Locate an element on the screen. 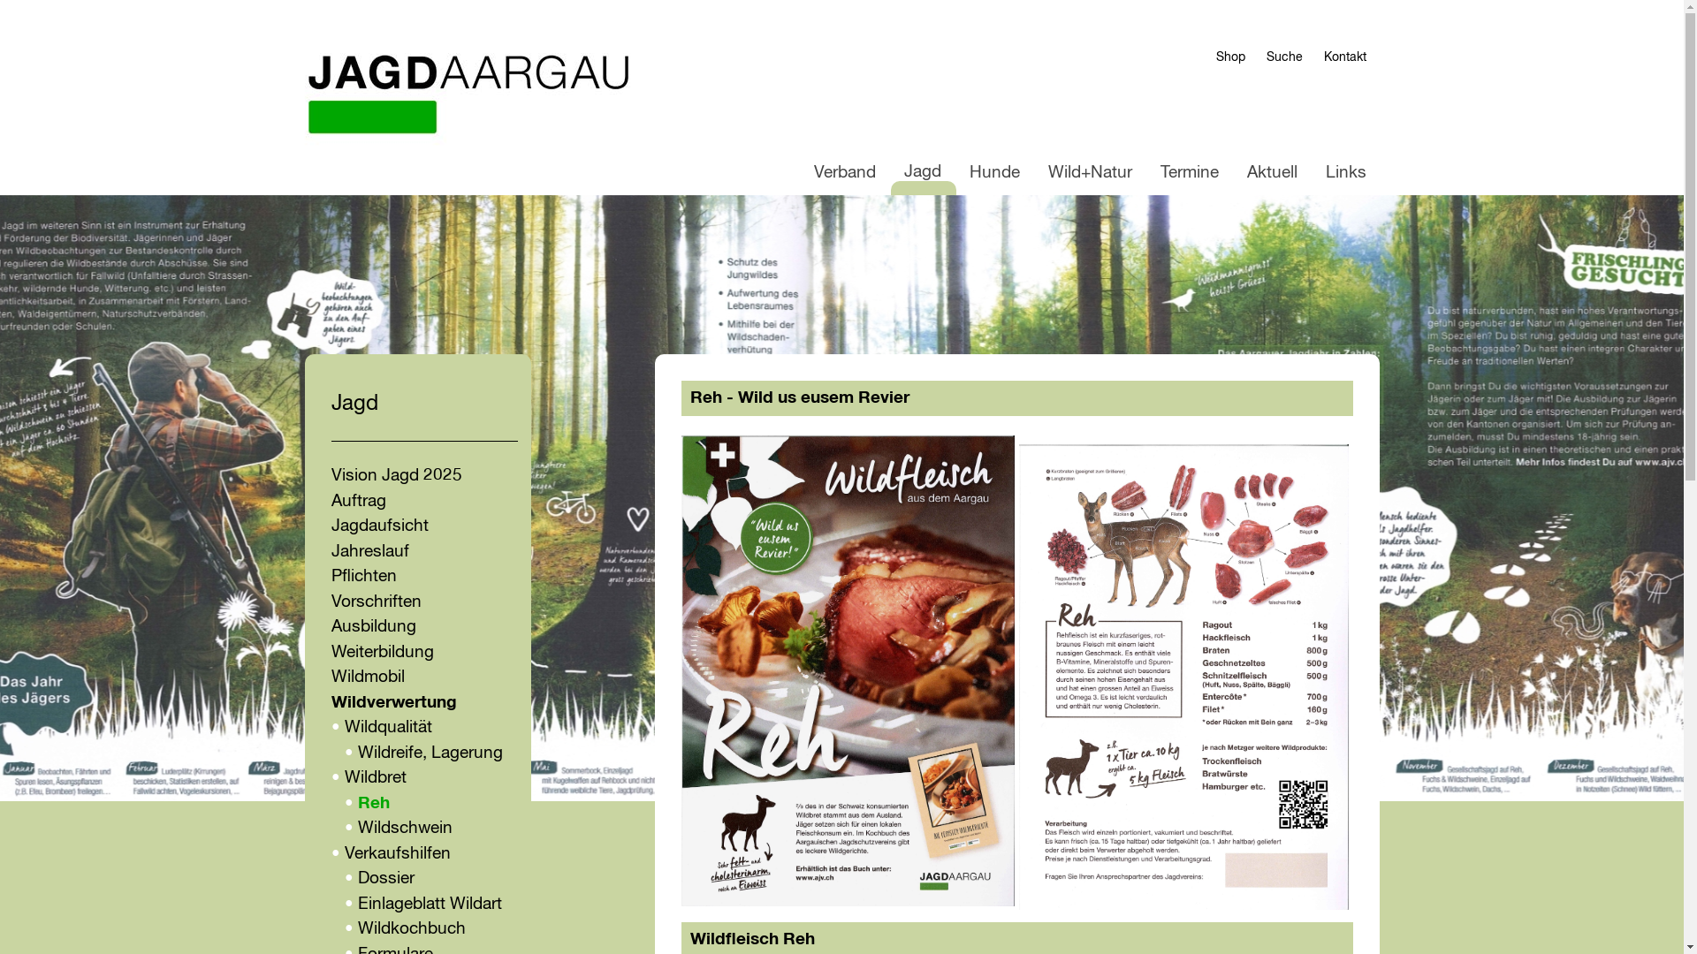 The width and height of the screenshot is (1697, 954). 'Aktuell' is located at coordinates (1271, 173).